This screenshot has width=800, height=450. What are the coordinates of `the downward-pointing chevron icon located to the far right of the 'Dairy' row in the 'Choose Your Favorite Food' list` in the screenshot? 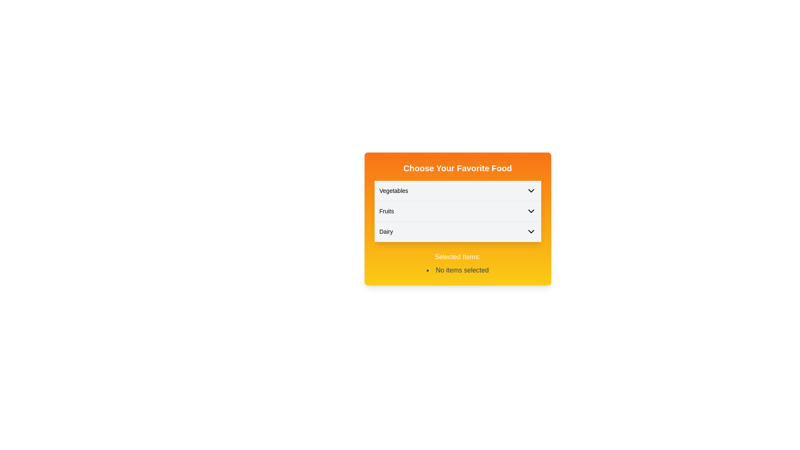 It's located at (530, 231).